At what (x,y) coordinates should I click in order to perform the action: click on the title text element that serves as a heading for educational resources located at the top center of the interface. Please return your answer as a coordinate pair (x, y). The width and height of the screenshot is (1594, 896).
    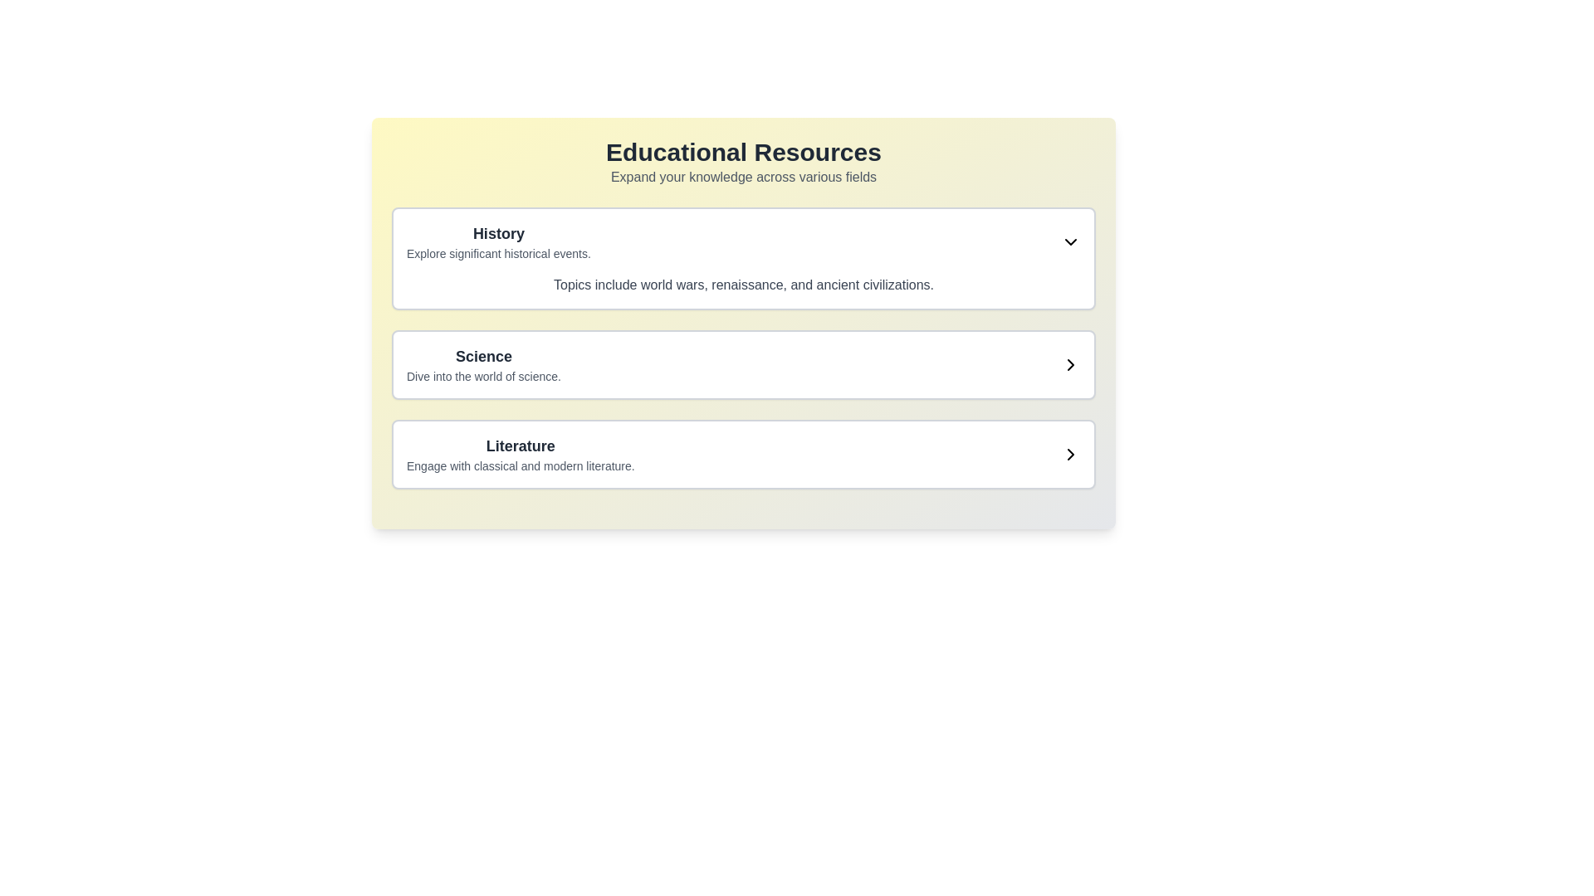
    Looking at the image, I should click on (743, 153).